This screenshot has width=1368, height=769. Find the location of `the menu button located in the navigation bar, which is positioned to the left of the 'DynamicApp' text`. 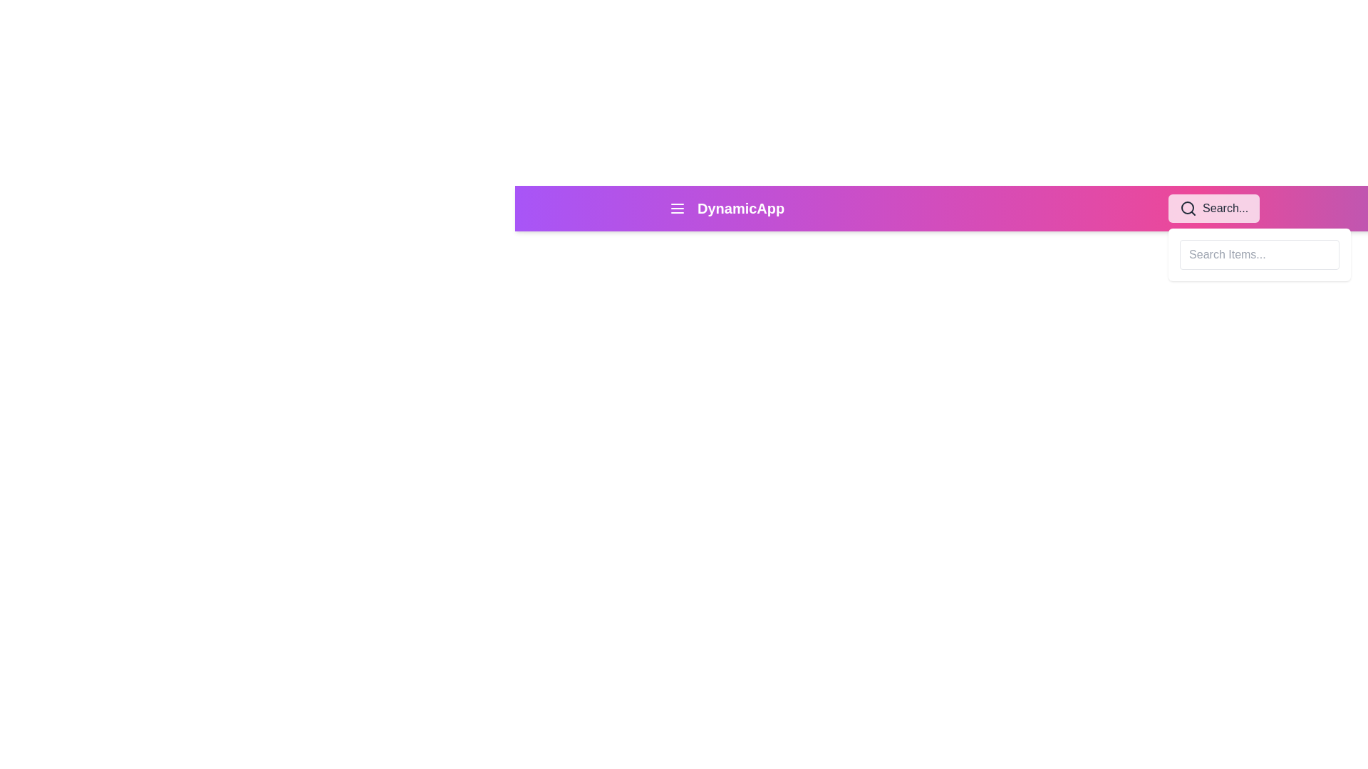

the menu button located in the navigation bar, which is positioned to the left of the 'DynamicApp' text is located at coordinates (676, 209).